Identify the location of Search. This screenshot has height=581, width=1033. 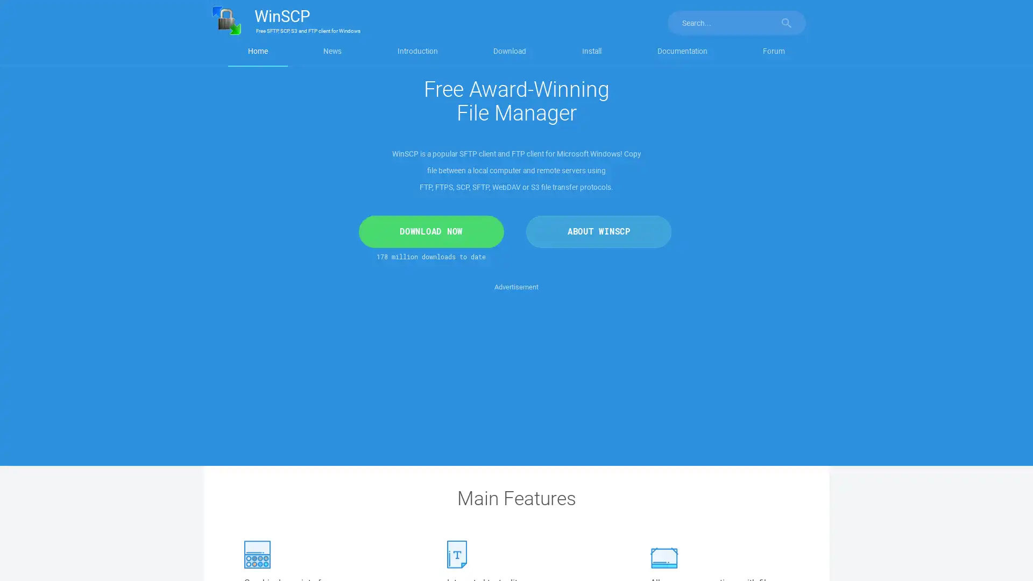
(790, 23).